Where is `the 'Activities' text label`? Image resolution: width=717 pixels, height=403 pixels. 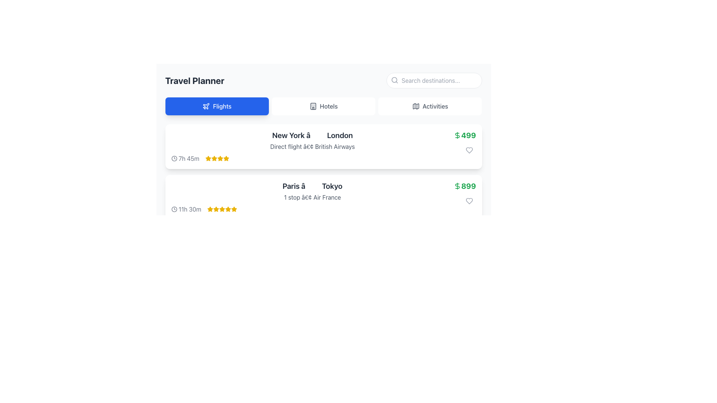 the 'Activities' text label is located at coordinates (435, 106).